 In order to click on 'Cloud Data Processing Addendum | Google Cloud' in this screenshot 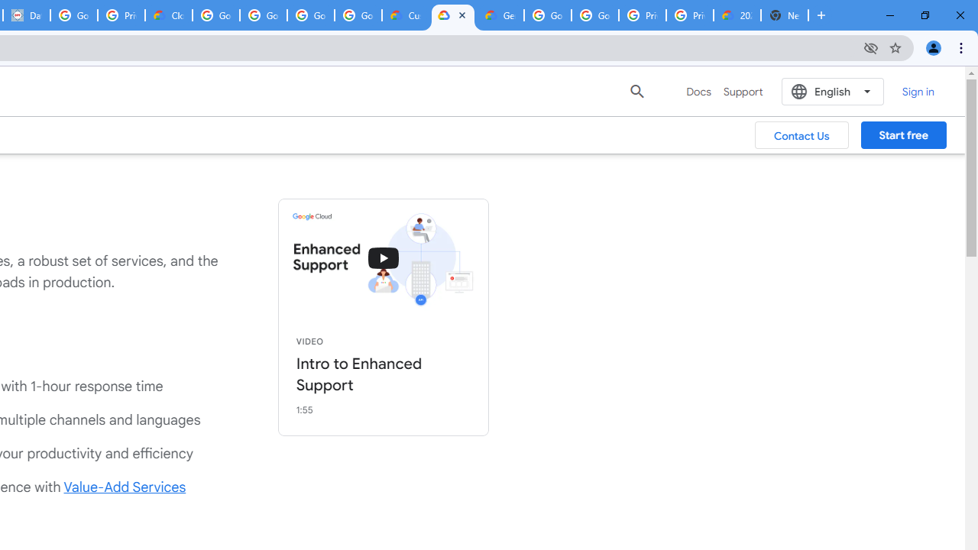, I will do `click(168, 15)`.